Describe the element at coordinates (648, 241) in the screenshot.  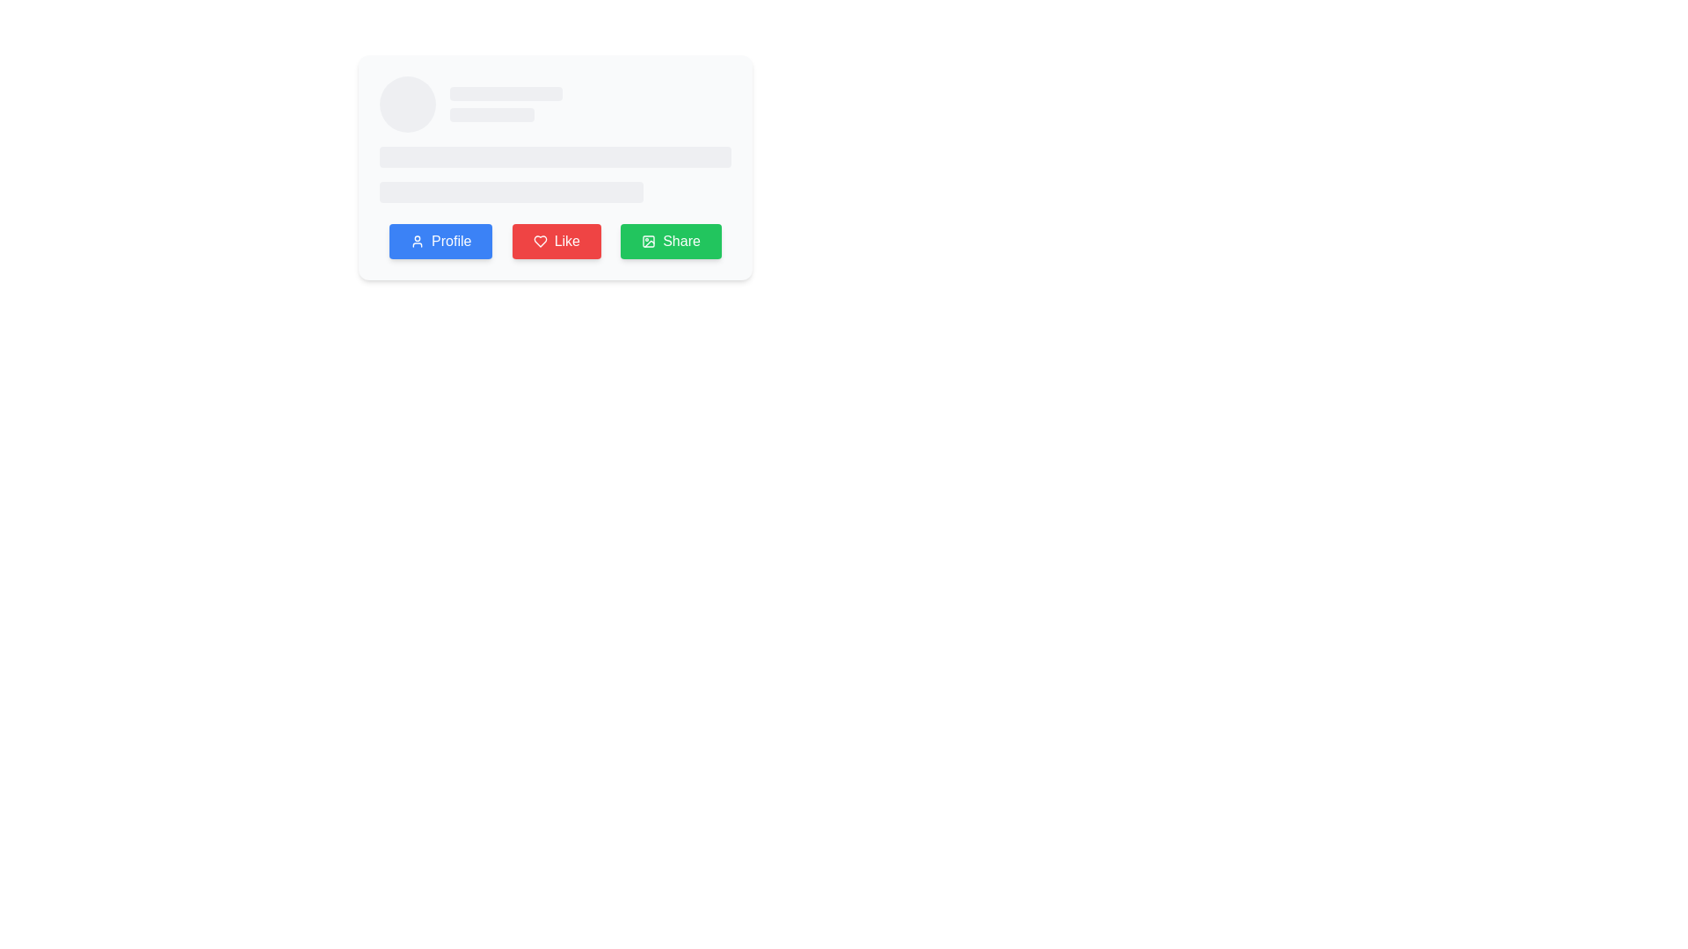
I see `the icon representing sharing actions located at the center of the 'Share' button, which is situated to the right of a group of three buttons beneath a user card interface` at that location.